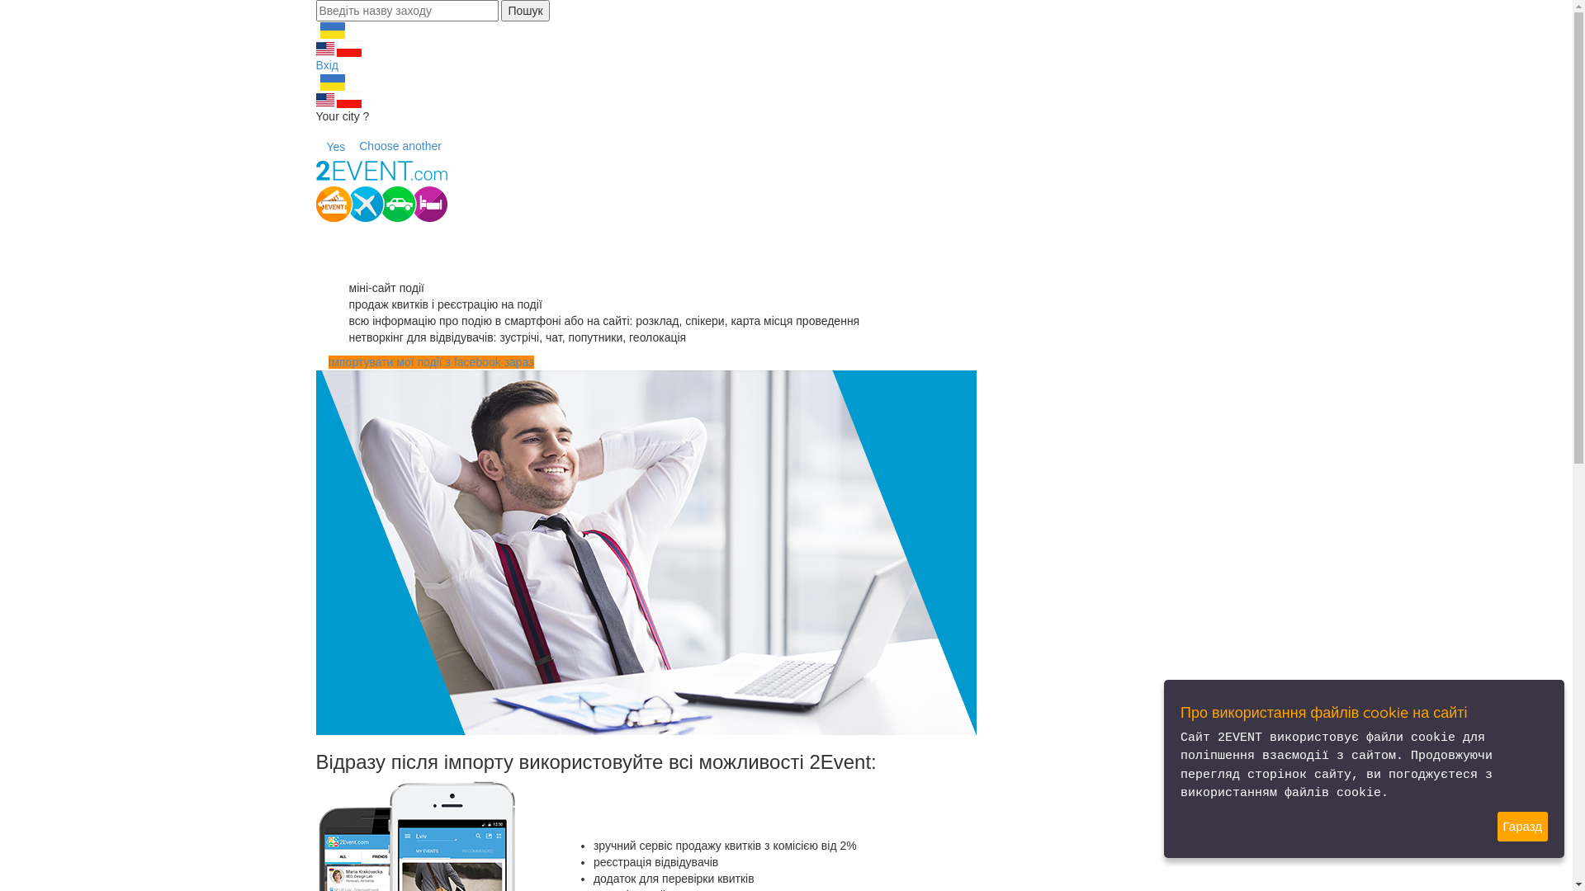 The height and width of the screenshot is (891, 1585). What do you see at coordinates (400, 145) in the screenshot?
I see `'Choose another'` at bounding box center [400, 145].